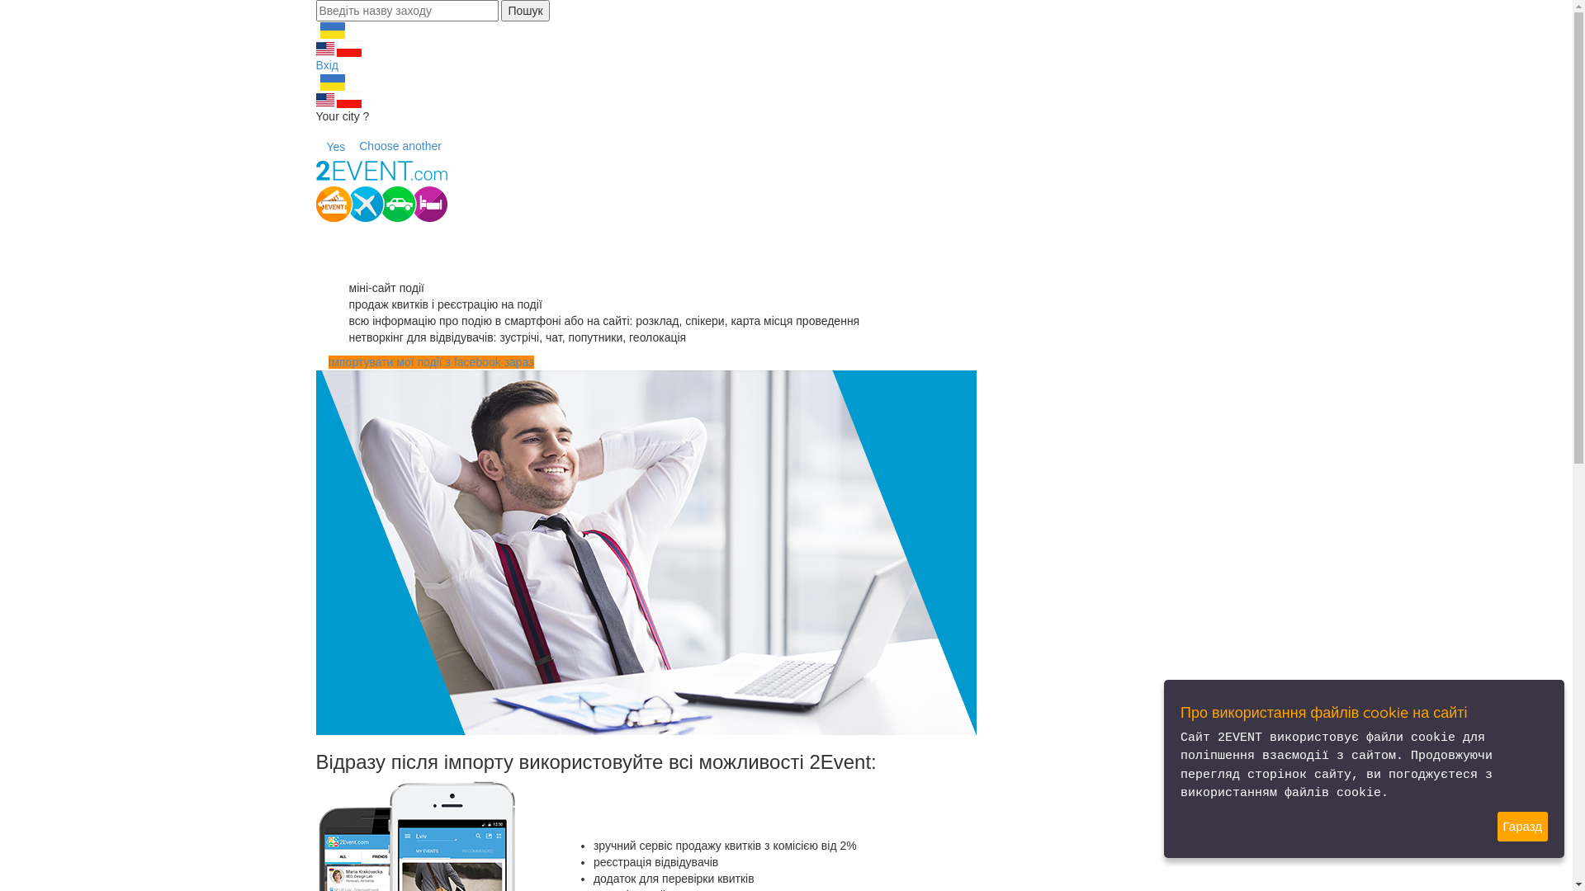 The height and width of the screenshot is (891, 1585). What do you see at coordinates (400, 145) in the screenshot?
I see `'Choose another'` at bounding box center [400, 145].